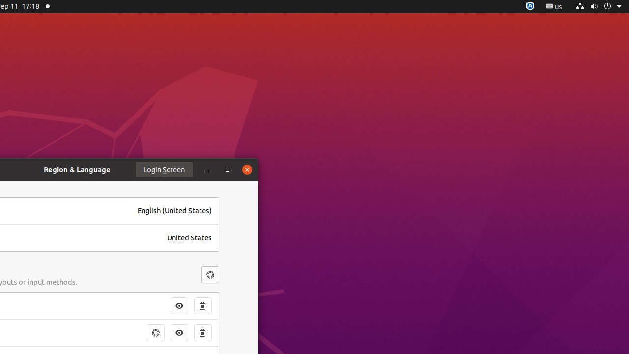 This screenshot has height=354, width=629. What do you see at coordinates (554, 6) in the screenshot?
I see `':1.21/StatusNotifierItem'` at bounding box center [554, 6].